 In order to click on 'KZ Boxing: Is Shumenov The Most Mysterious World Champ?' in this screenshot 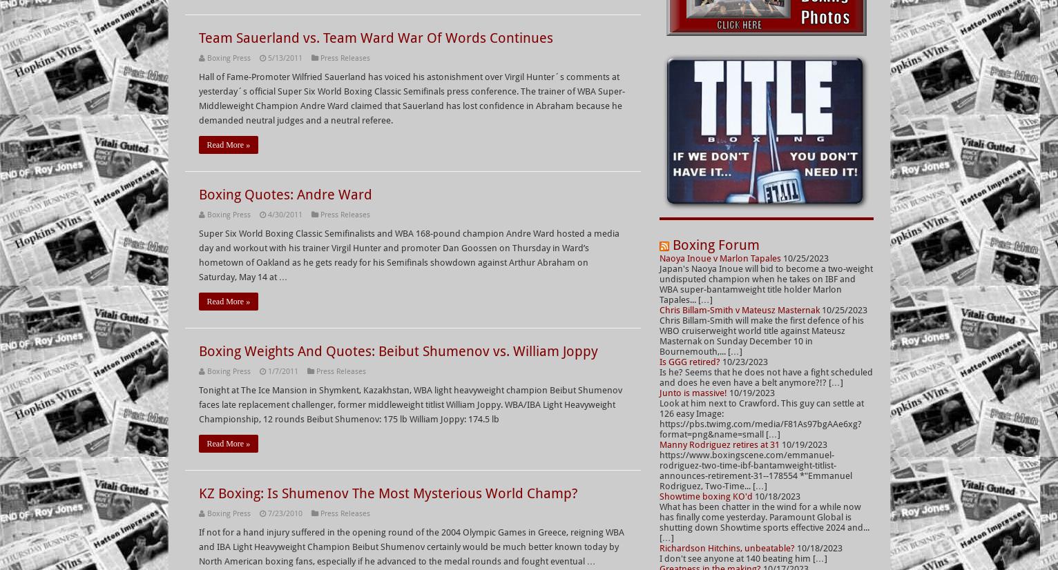, I will do `click(387, 493)`.